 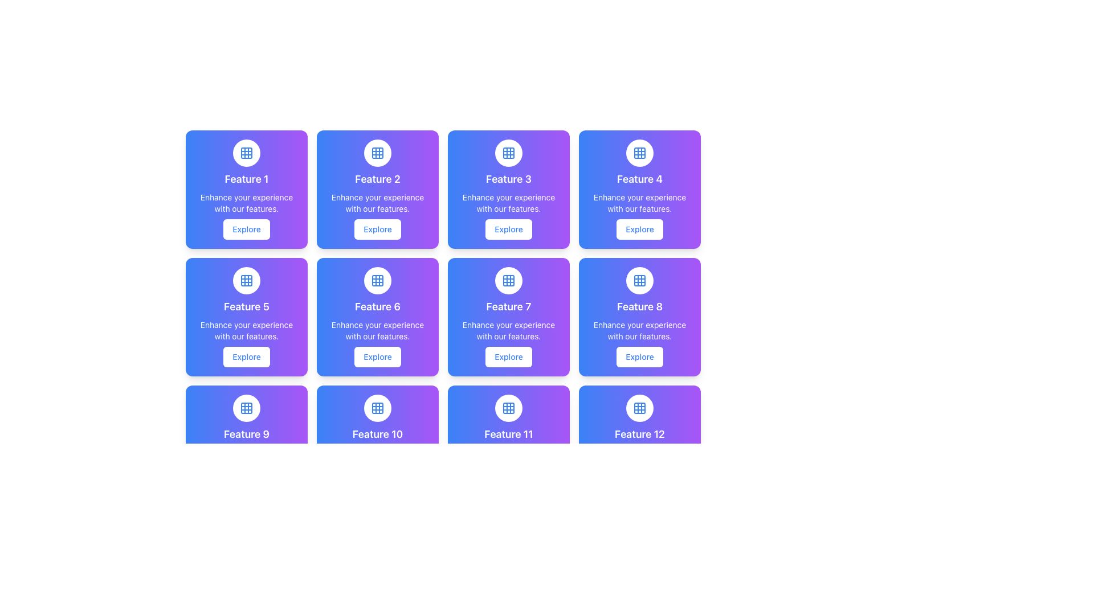 I want to click on the Icon (SVG element) representing 'Feature 12' located at the top of the card in the fourth column of the third row of a 4x3 grid layout, so click(x=640, y=408).